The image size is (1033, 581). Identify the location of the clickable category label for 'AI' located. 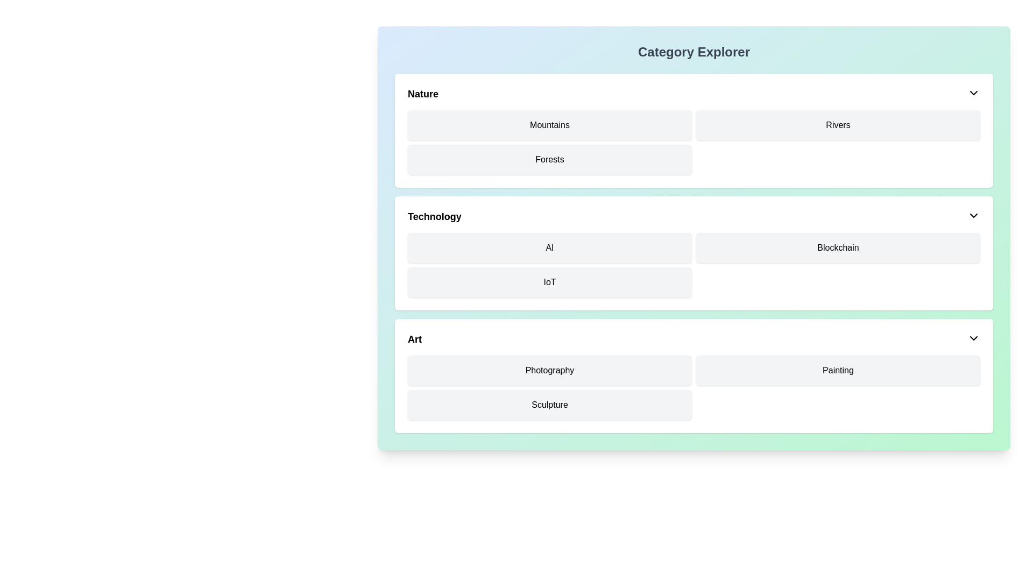
(550, 248).